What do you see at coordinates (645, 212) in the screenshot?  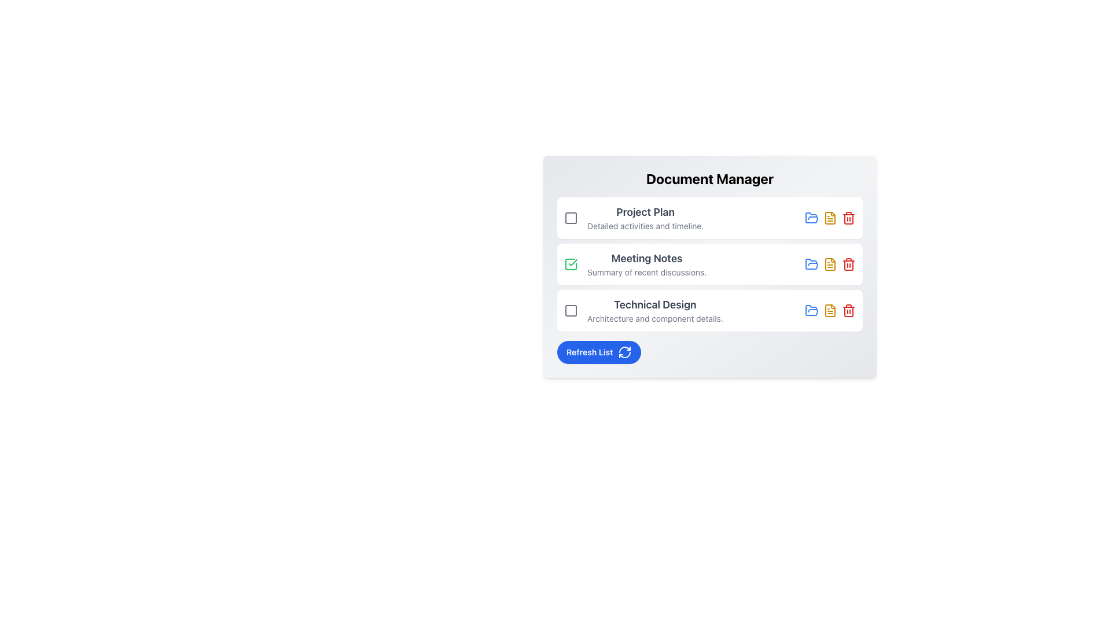 I see `the 'Project Plan' text label, which is prominently displayed in large, bold, dark gray font and is part of the 'Document Manager' list` at bounding box center [645, 212].